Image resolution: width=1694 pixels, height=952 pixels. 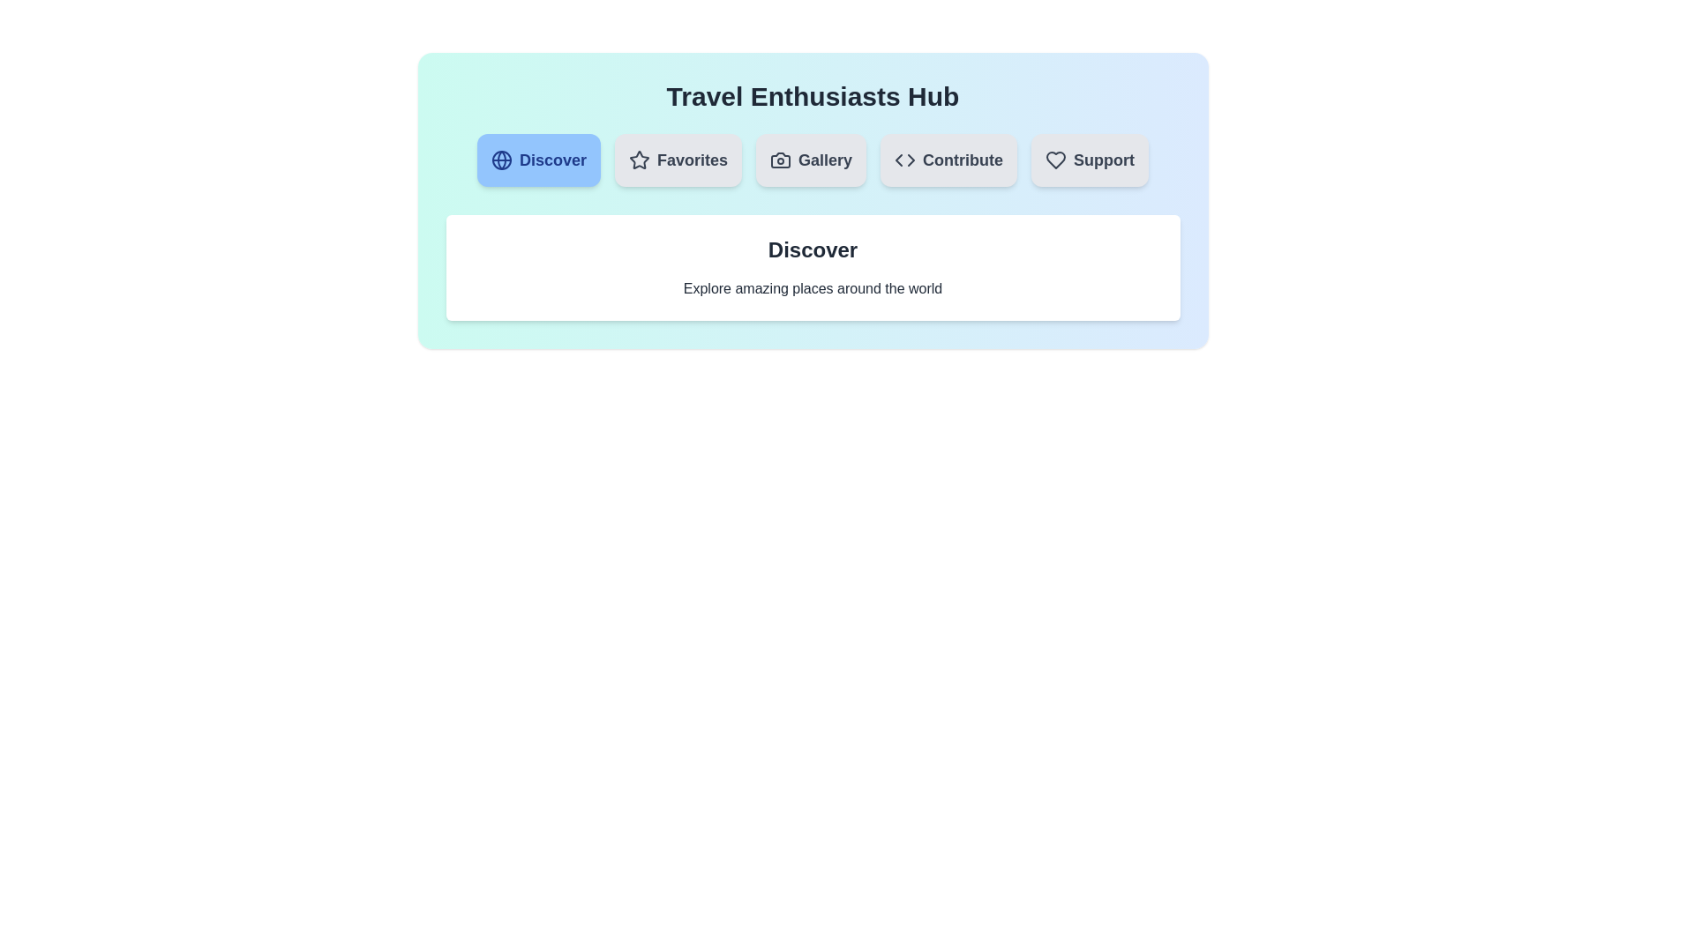 What do you see at coordinates (638, 160) in the screenshot?
I see `the star icon with a hollow outline located near the 'Favorites' button in the navigation menu` at bounding box center [638, 160].